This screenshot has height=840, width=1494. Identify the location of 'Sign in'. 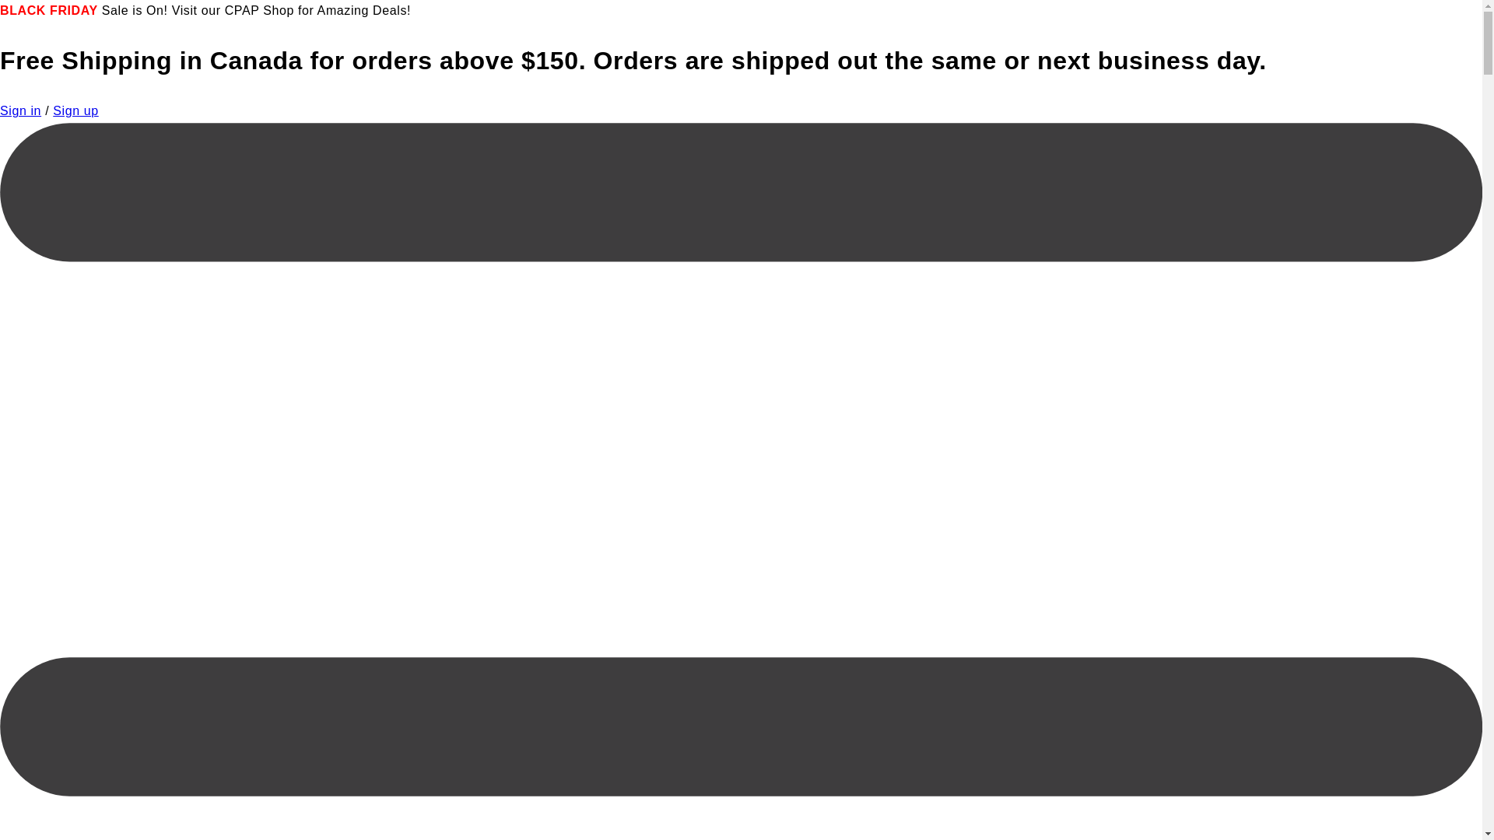
(20, 110).